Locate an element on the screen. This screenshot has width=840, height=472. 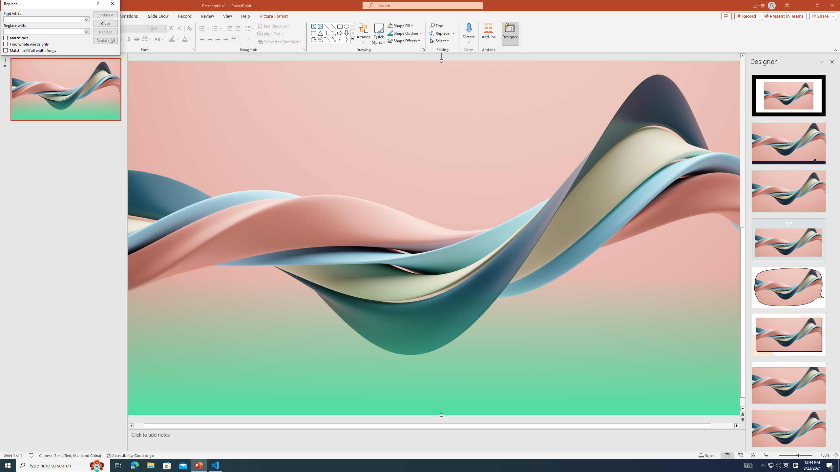
'Rectangle: Rounded Corners' is located at coordinates (313, 32).